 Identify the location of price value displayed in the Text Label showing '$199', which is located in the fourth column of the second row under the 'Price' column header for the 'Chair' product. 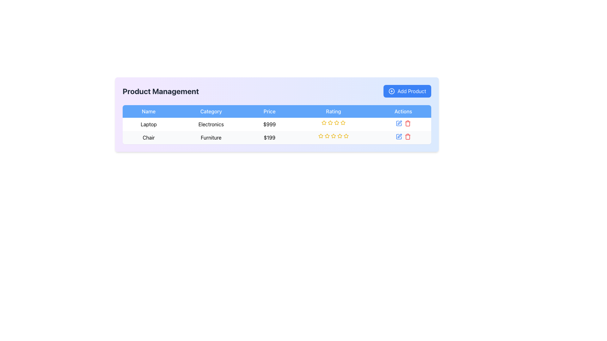
(269, 137).